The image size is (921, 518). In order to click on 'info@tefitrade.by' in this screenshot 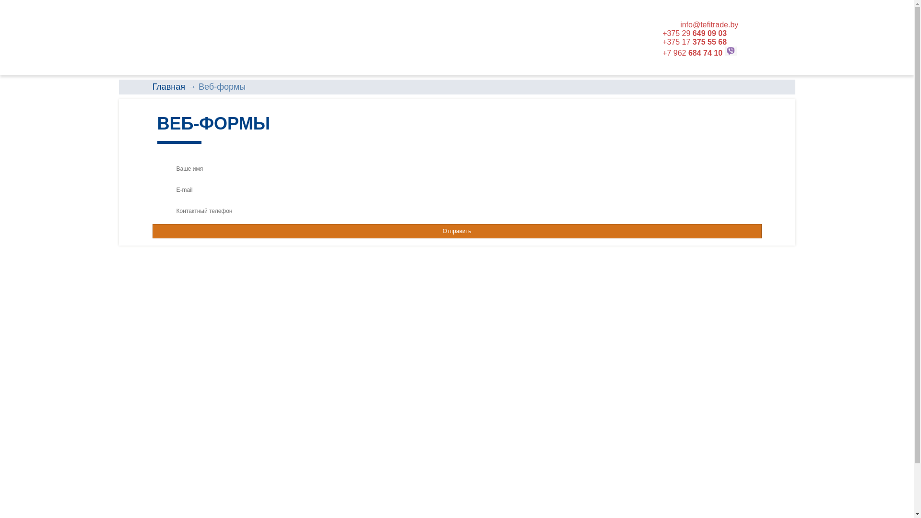, I will do `click(709, 24)`.